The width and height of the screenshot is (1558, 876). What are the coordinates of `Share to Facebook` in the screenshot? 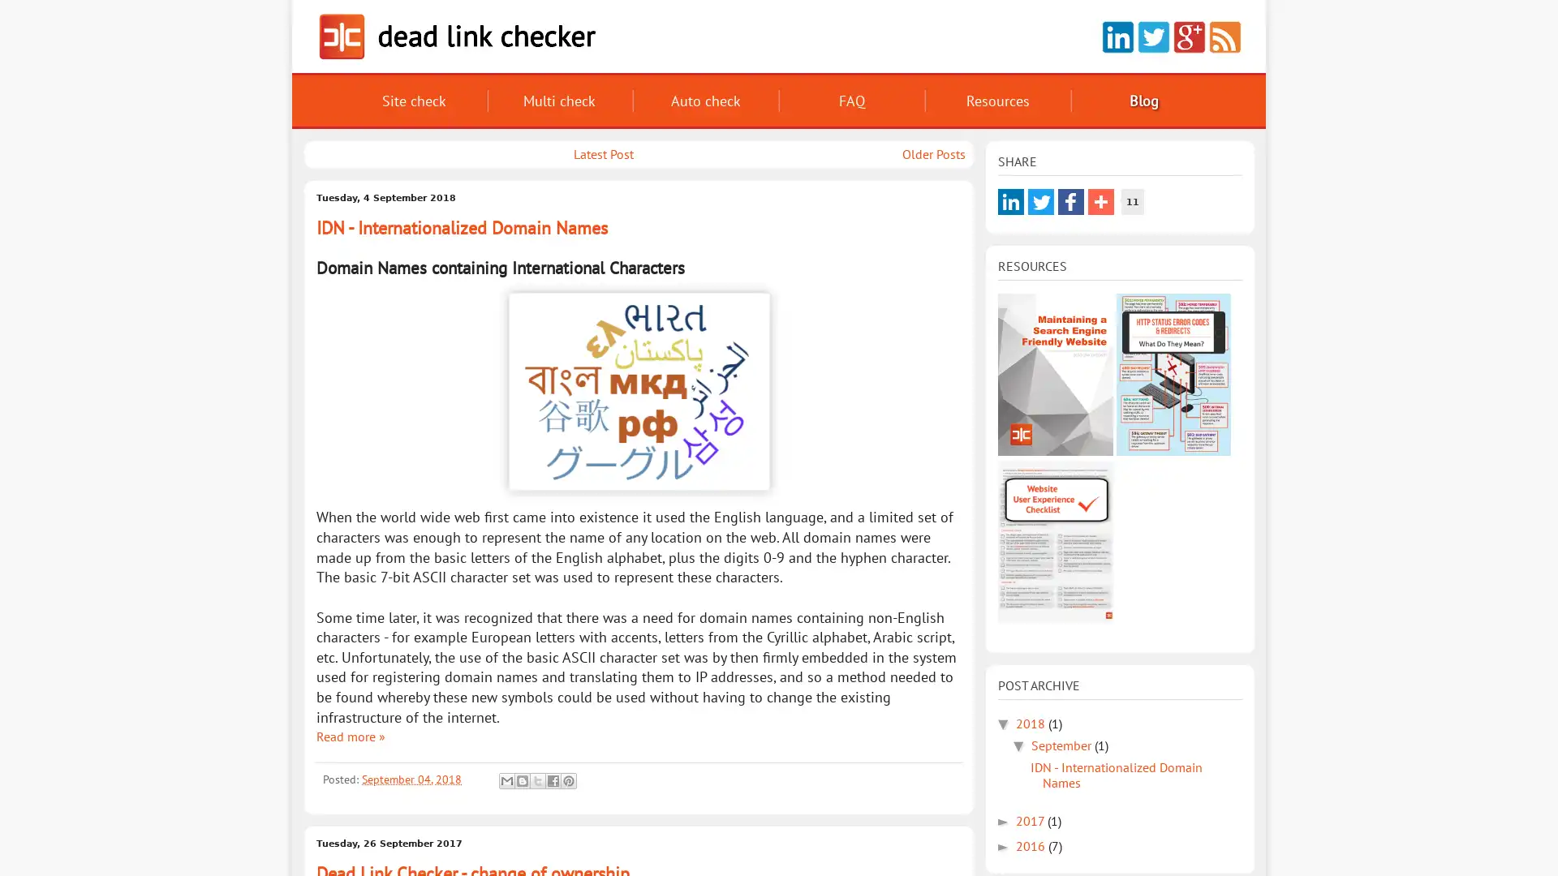 It's located at (1071, 201).